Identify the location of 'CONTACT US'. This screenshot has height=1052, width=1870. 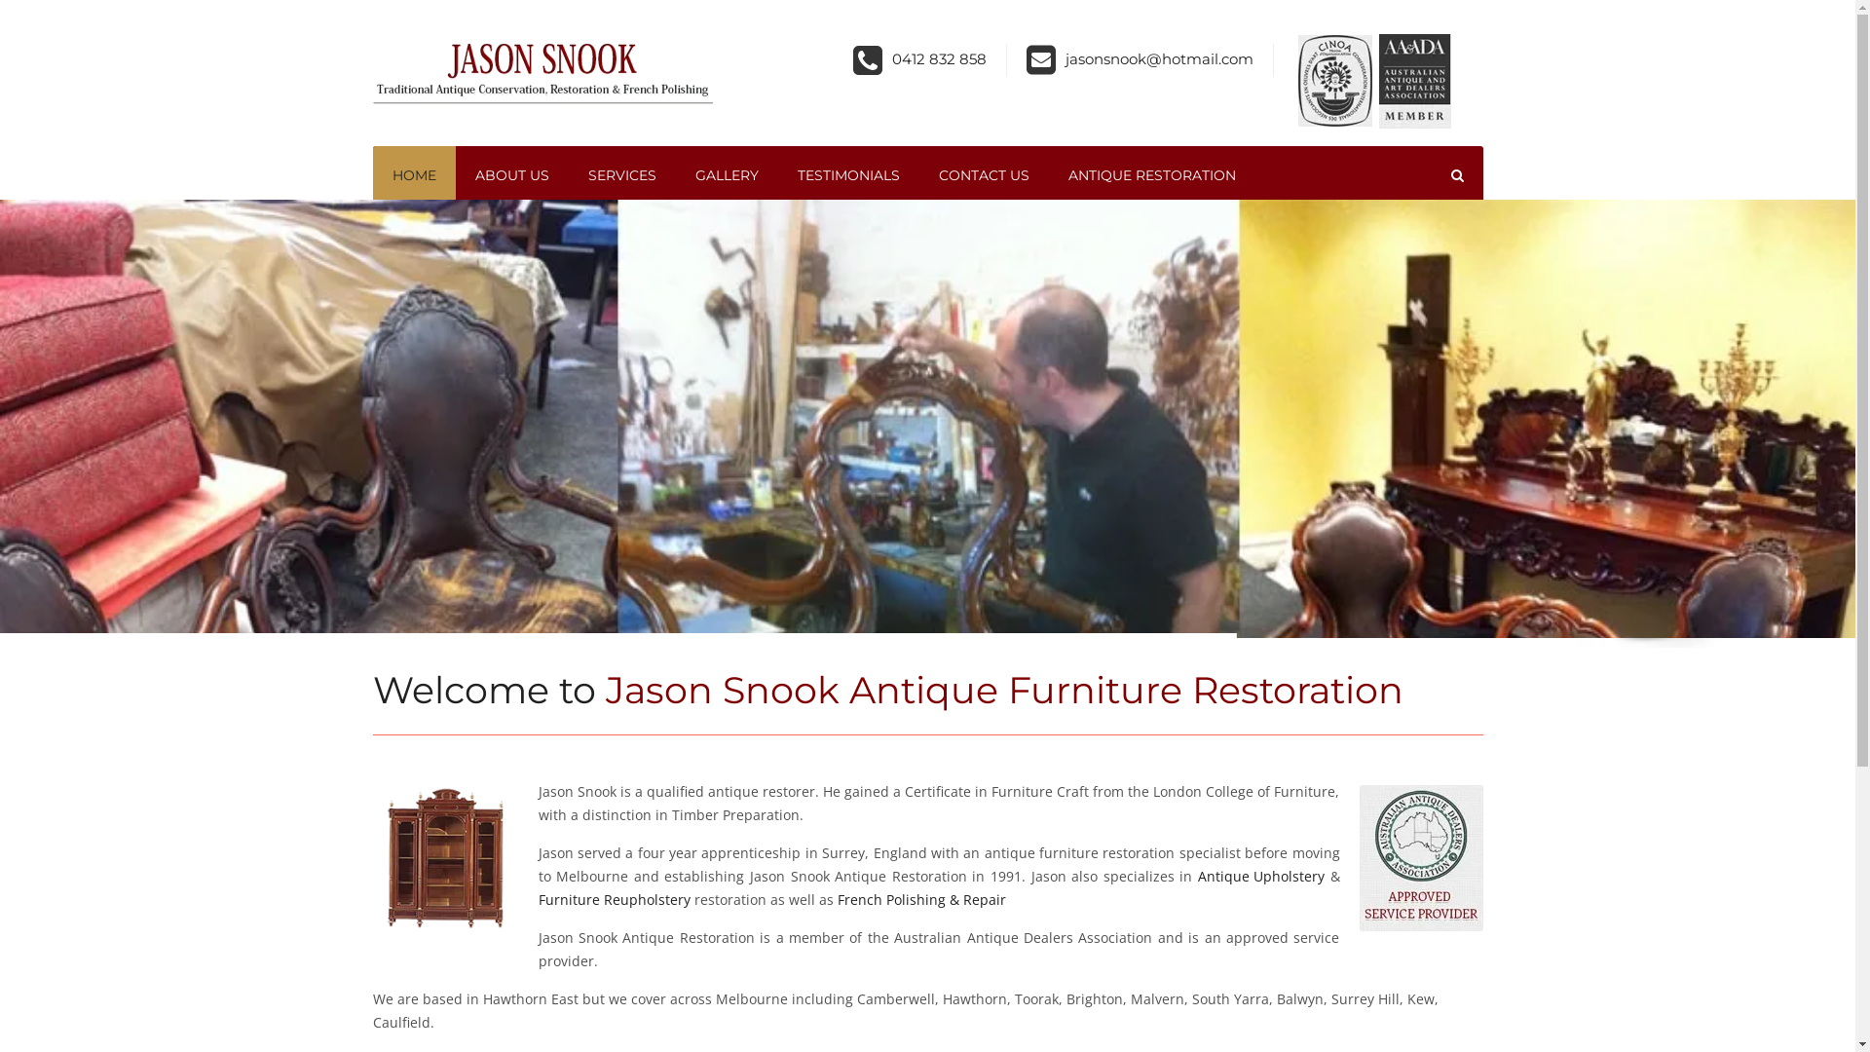
(984, 175).